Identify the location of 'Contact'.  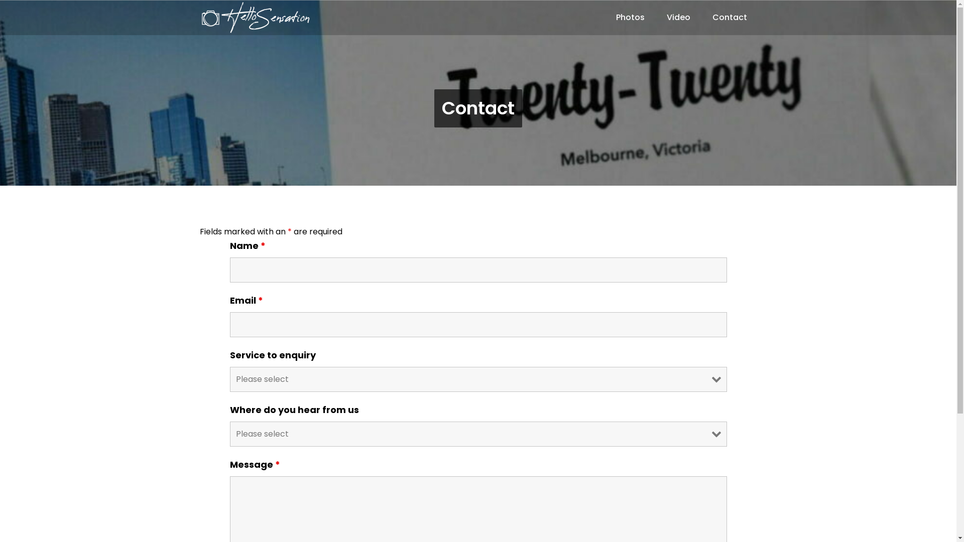
(729, 17).